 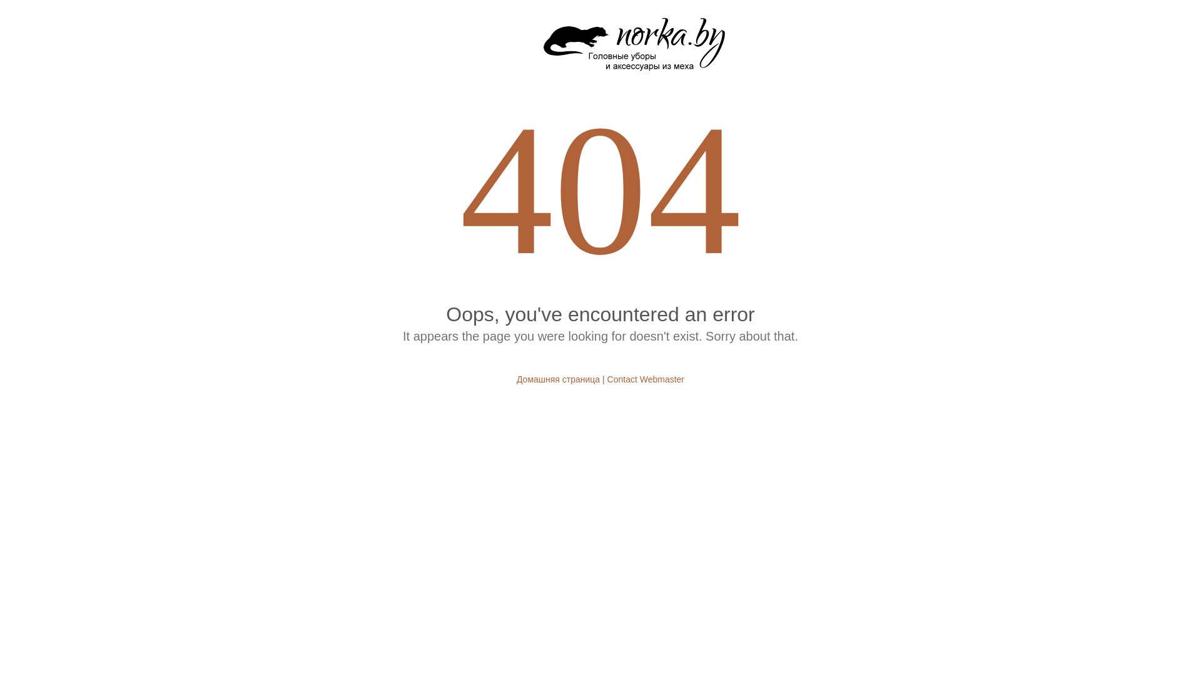 I want to click on 'Contact Webmaster', so click(x=607, y=378).